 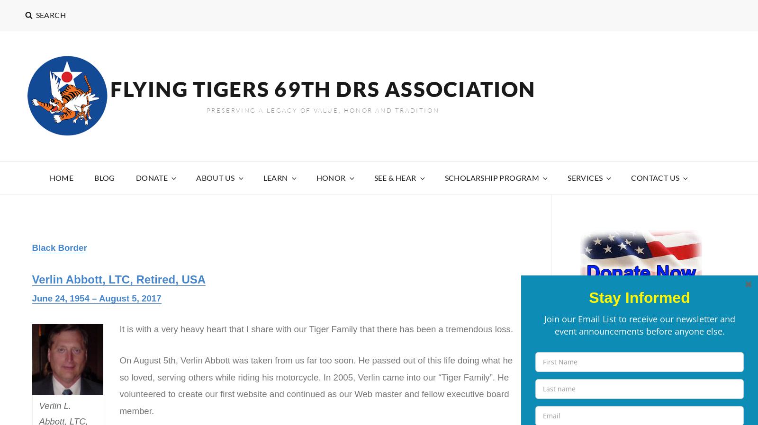 What do you see at coordinates (322, 89) in the screenshot?
I see `'Flying Tigers 69th DRS Association'` at bounding box center [322, 89].